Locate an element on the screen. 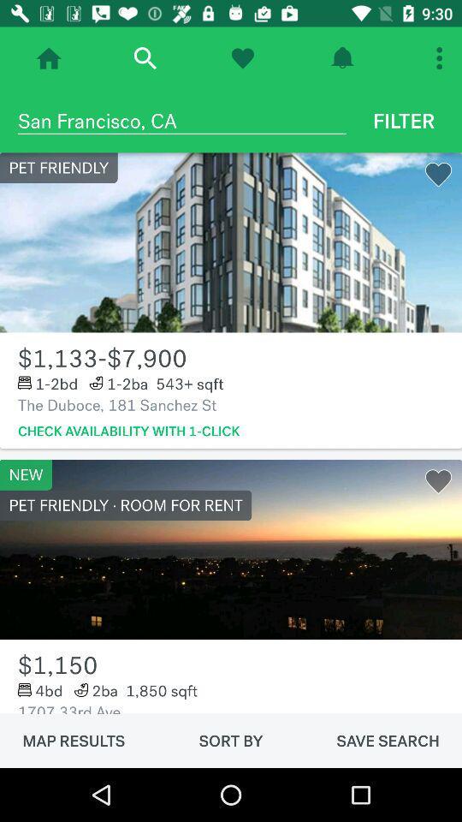 The width and height of the screenshot is (462, 822). shows favorited items is located at coordinates (241, 58).